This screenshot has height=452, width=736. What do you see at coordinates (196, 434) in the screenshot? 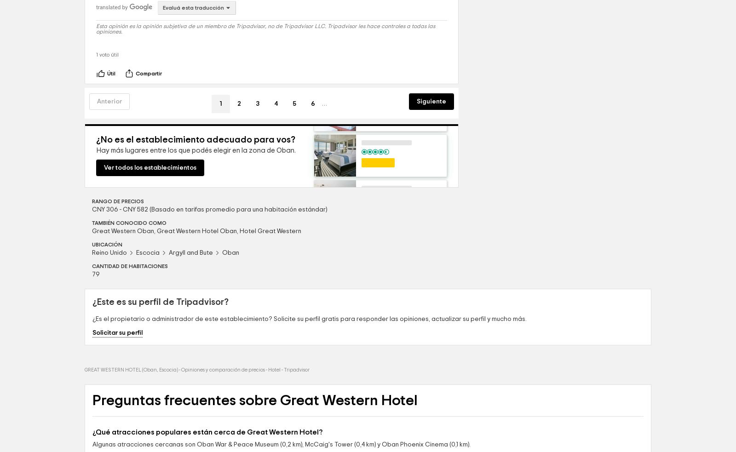
I see `'GREAT WESTERN HOTEL (Oban, Escocia) - Opiniones y comparación de precios - Hotel - Tripadvisor'` at bounding box center [196, 434].